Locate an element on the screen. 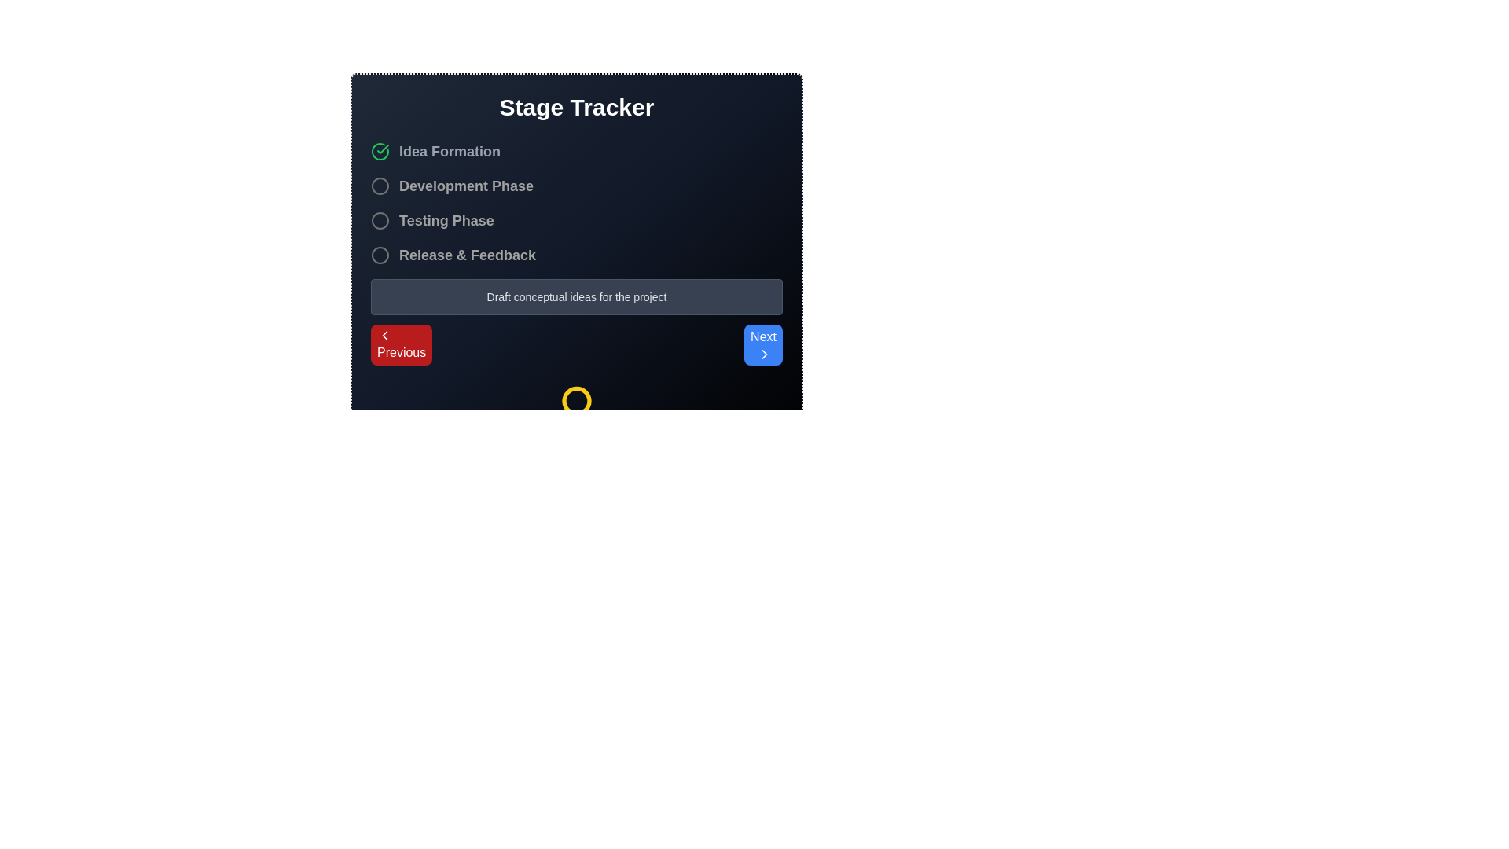 The width and height of the screenshot is (1509, 849). the award or achievement icon located at the bottom of the interface, directly beneath the 'Draft conceptual ideas for the project' text input area is located at coordinates (576, 408).